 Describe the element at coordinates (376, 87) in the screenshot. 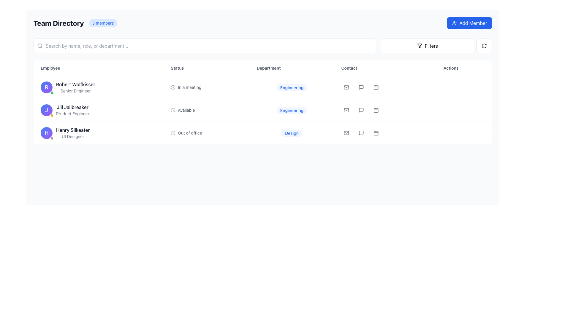

I see `the calendar icon` at that location.